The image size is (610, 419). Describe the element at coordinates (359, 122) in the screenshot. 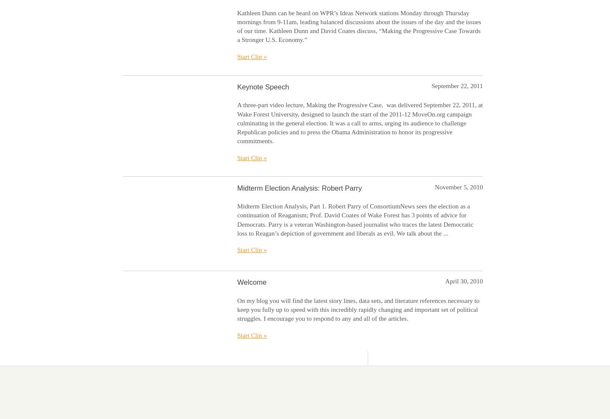

I see `'A three-part video lecture, Making the Progressive Case,  was delivered September 22, 2011, at Wake Forest University, designed to launch the start of the 2011-12 MoveOn.org campaign culminating in the general election. It was a call to arms, urging its audience to challenge Republican policies and to press the Obama Administration to honor its progressive commitments.'` at that location.